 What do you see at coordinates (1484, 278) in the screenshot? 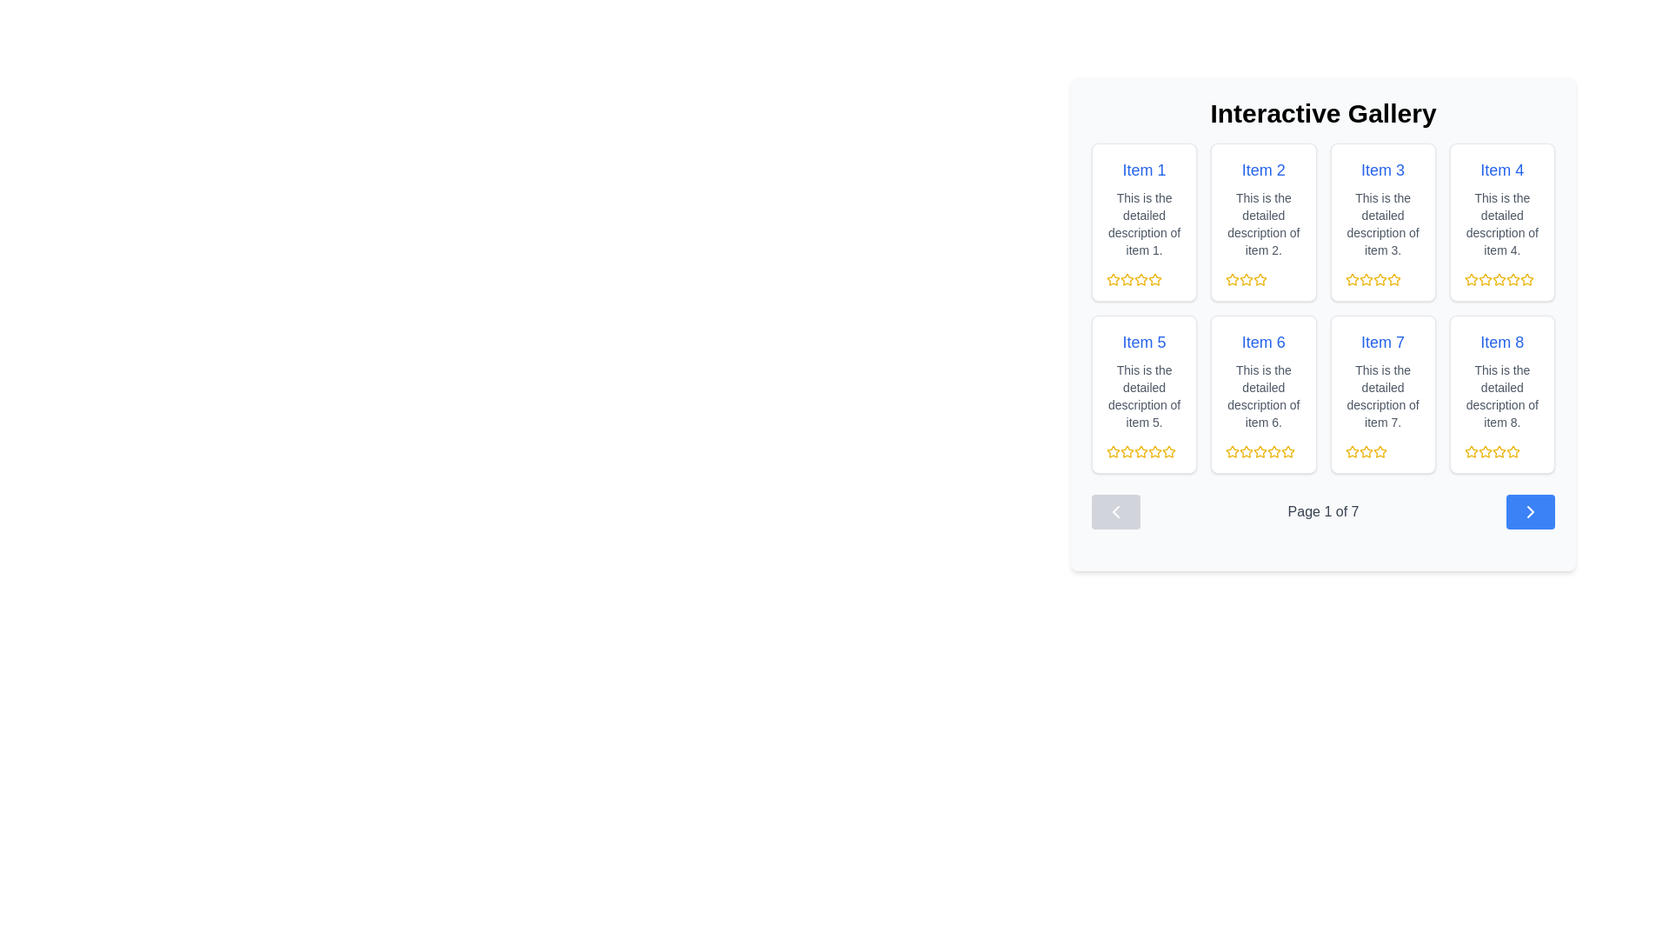
I see `the first star-shaped rating icon with a yellow outline located beneath 'Item 4' in the gallery to rate one star` at bounding box center [1484, 278].